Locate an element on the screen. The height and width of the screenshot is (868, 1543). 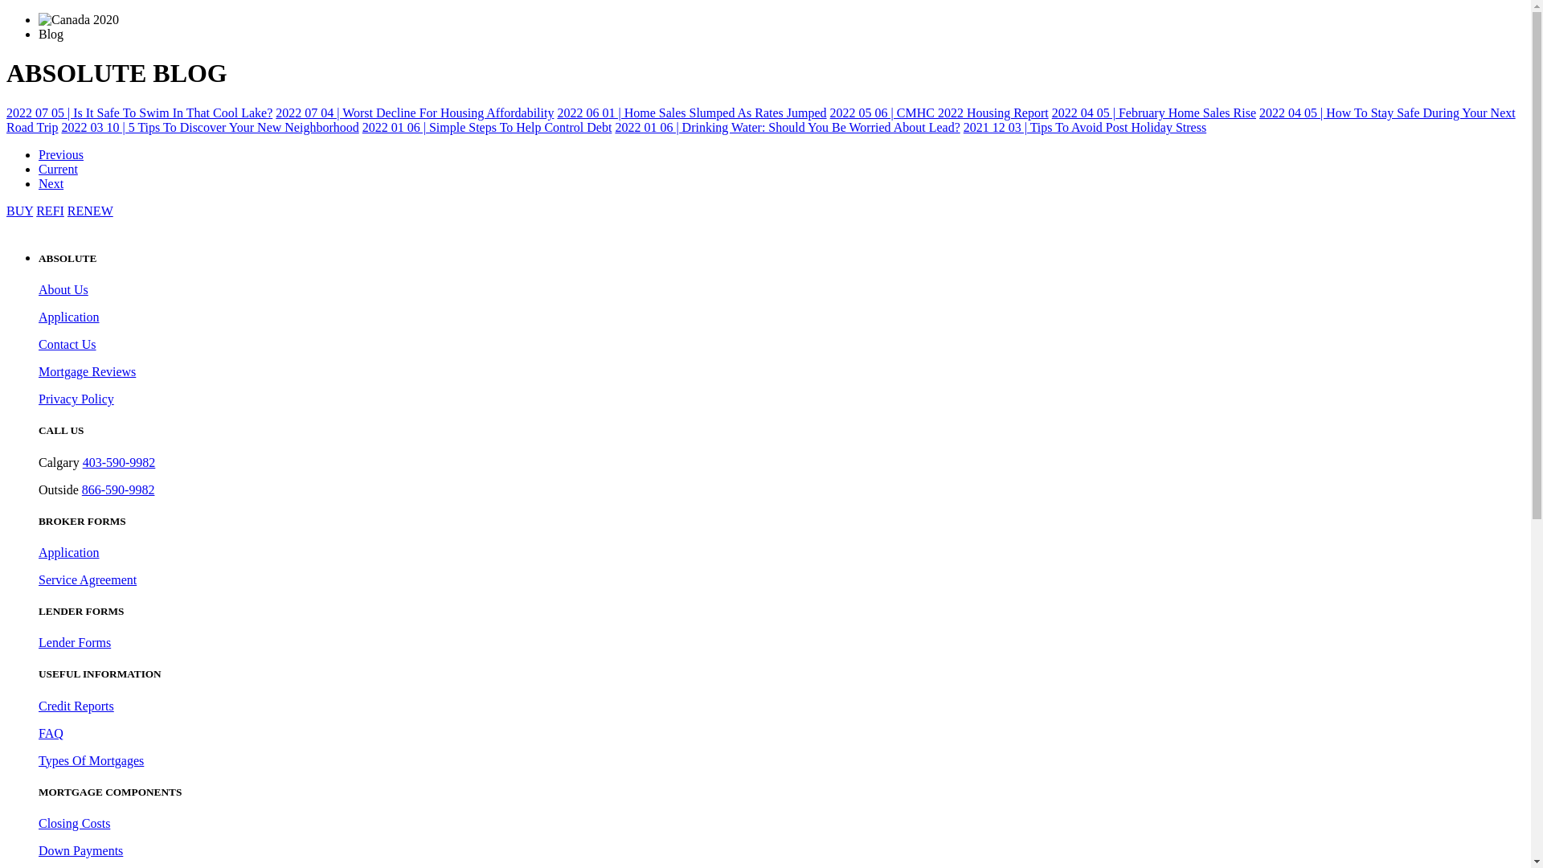
'Lender Forms' is located at coordinates (73, 641).